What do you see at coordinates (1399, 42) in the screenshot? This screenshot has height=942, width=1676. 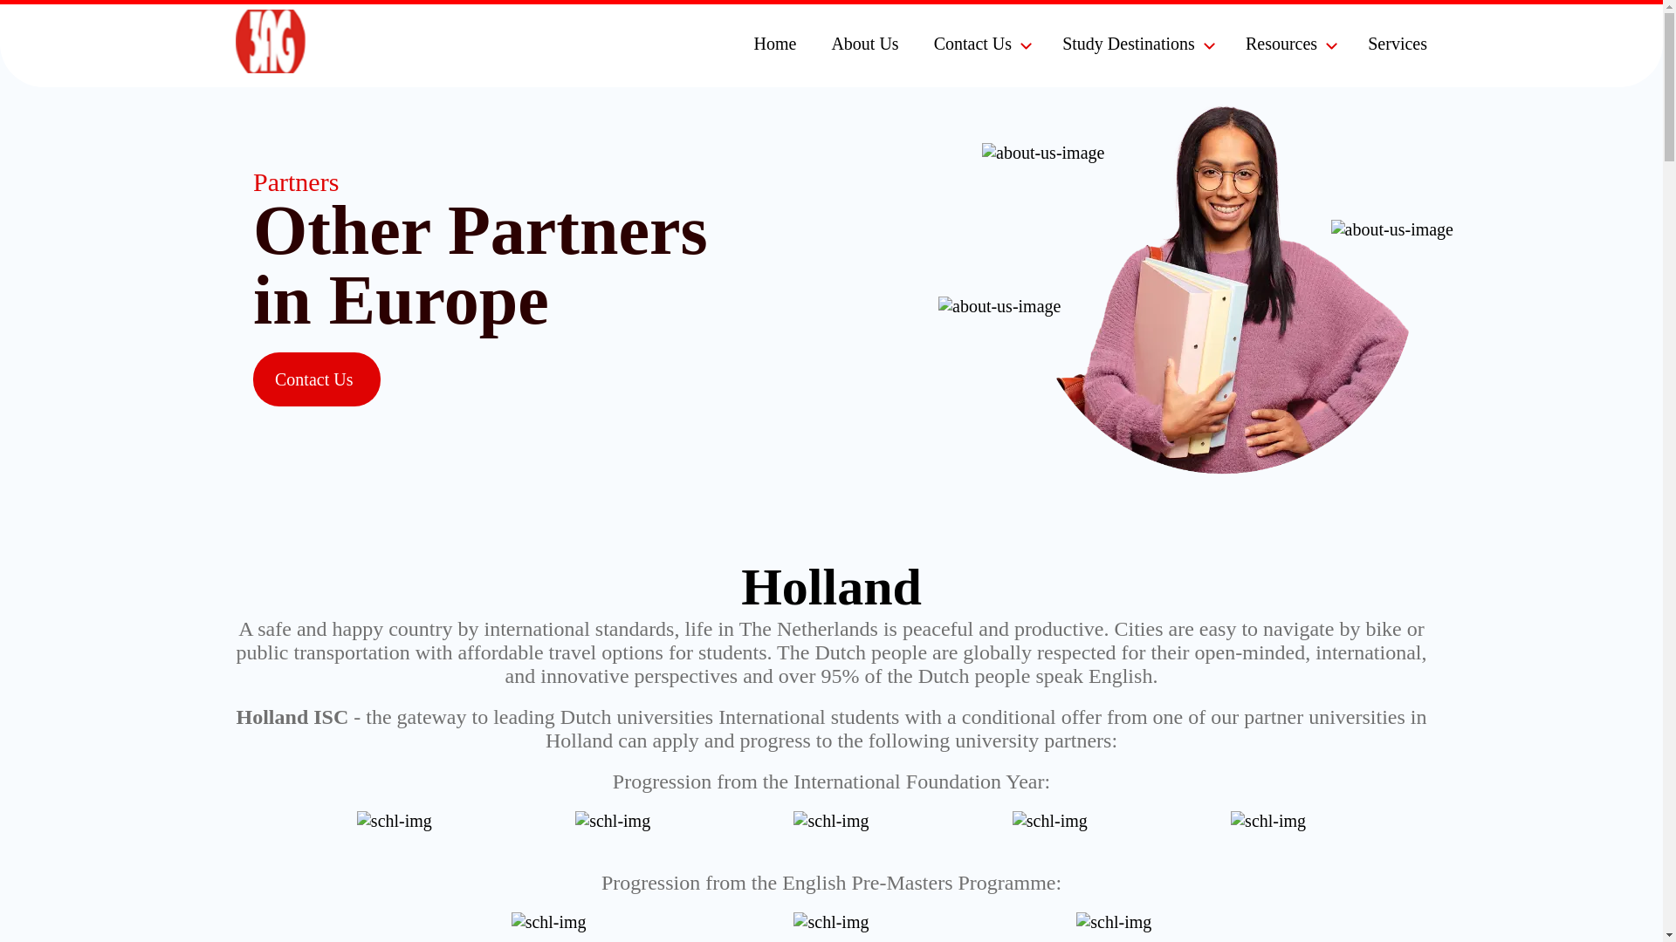 I see `'Services'` at bounding box center [1399, 42].